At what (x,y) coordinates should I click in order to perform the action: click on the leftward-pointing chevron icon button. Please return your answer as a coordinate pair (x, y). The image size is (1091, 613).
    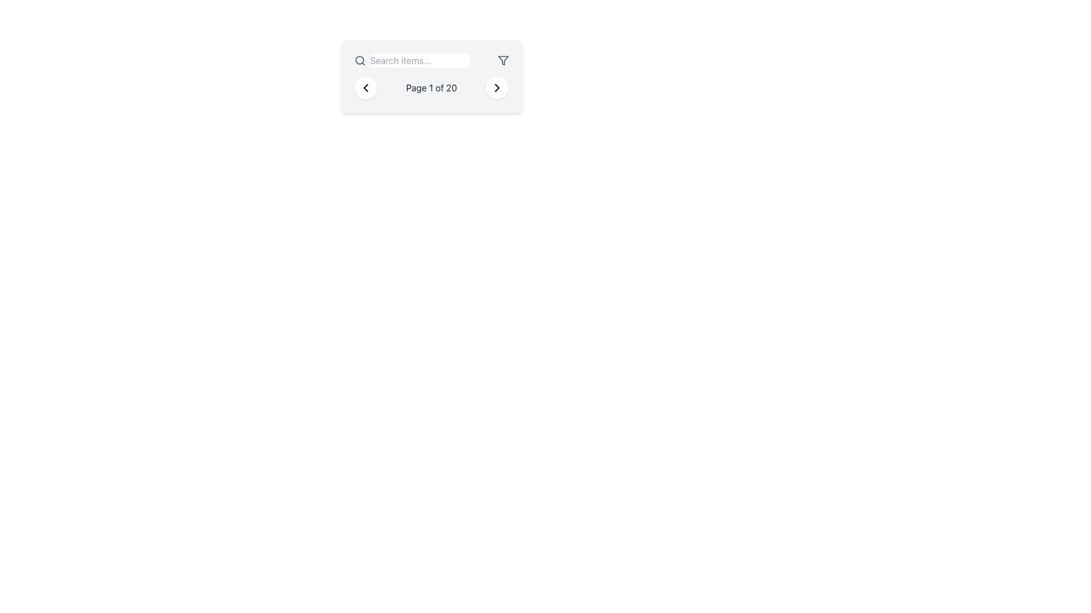
    Looking at the image, I should click on (365, 87).